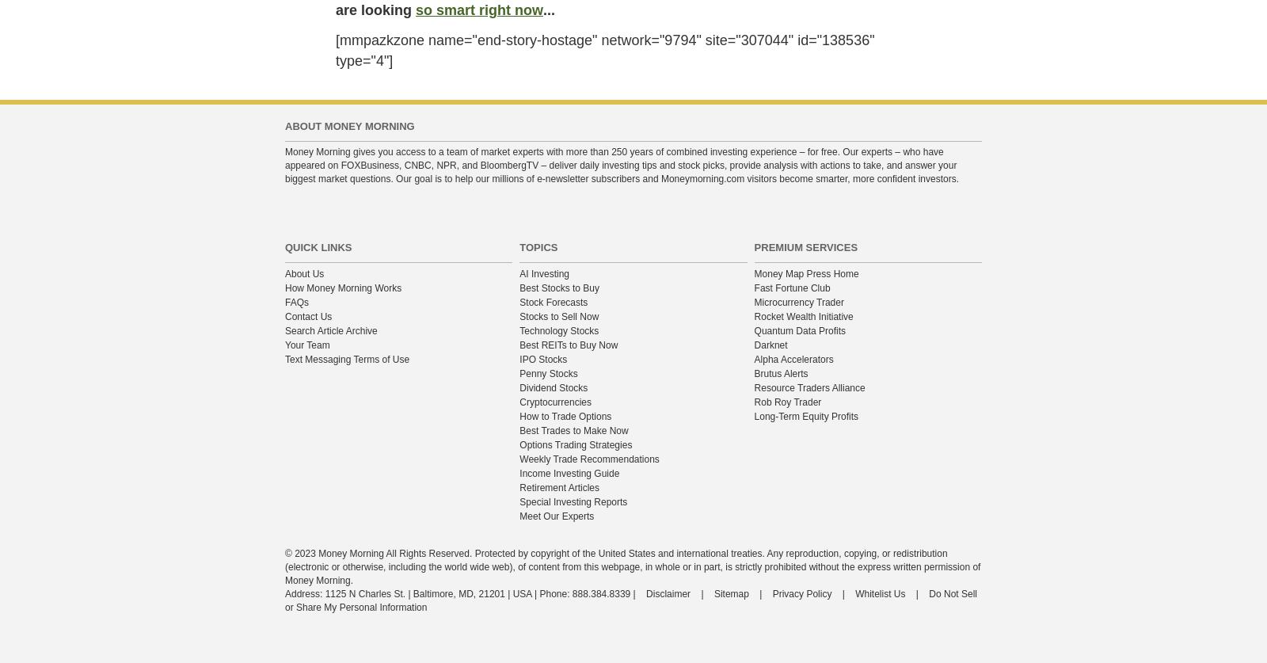  I want to click on 'Quantum Data Profits', so click(753, 330).